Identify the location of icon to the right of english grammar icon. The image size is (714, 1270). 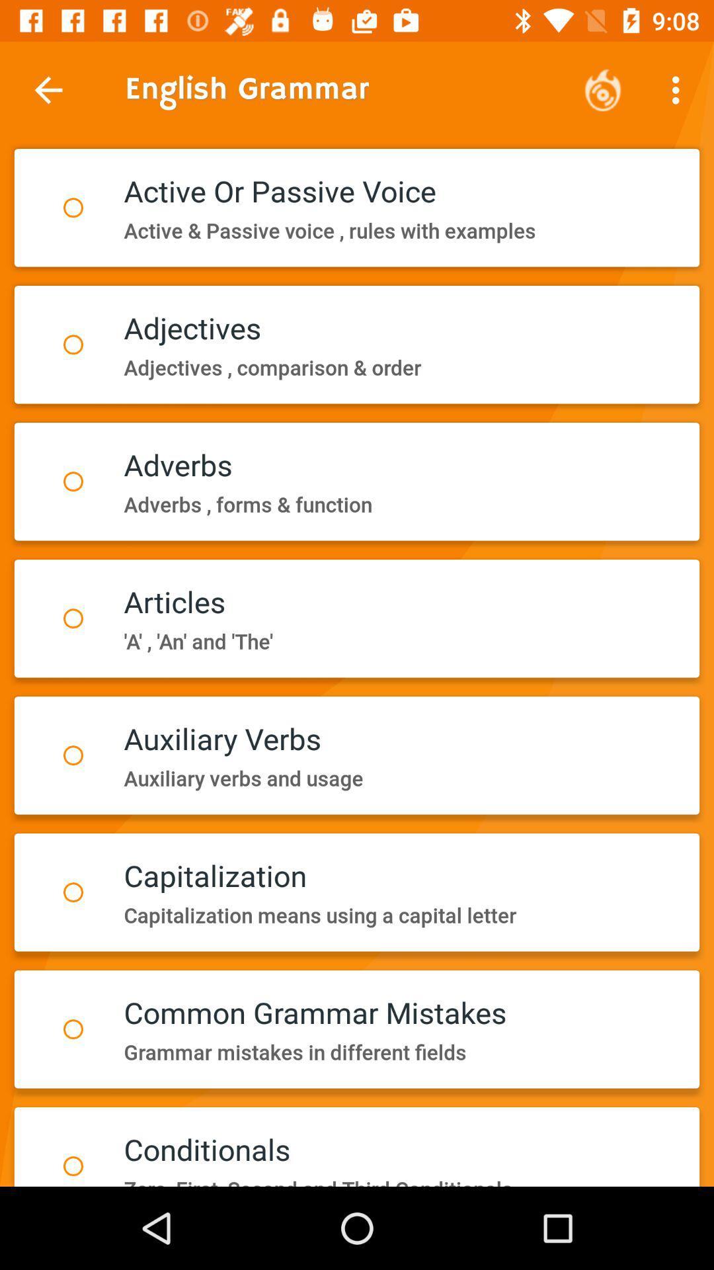
(602, 89).